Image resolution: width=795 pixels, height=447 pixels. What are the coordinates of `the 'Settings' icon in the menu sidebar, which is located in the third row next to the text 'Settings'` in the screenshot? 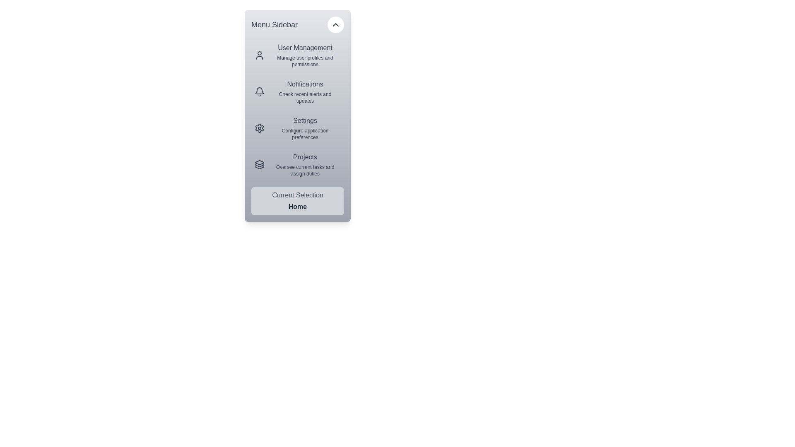 It's located at (259, 128).